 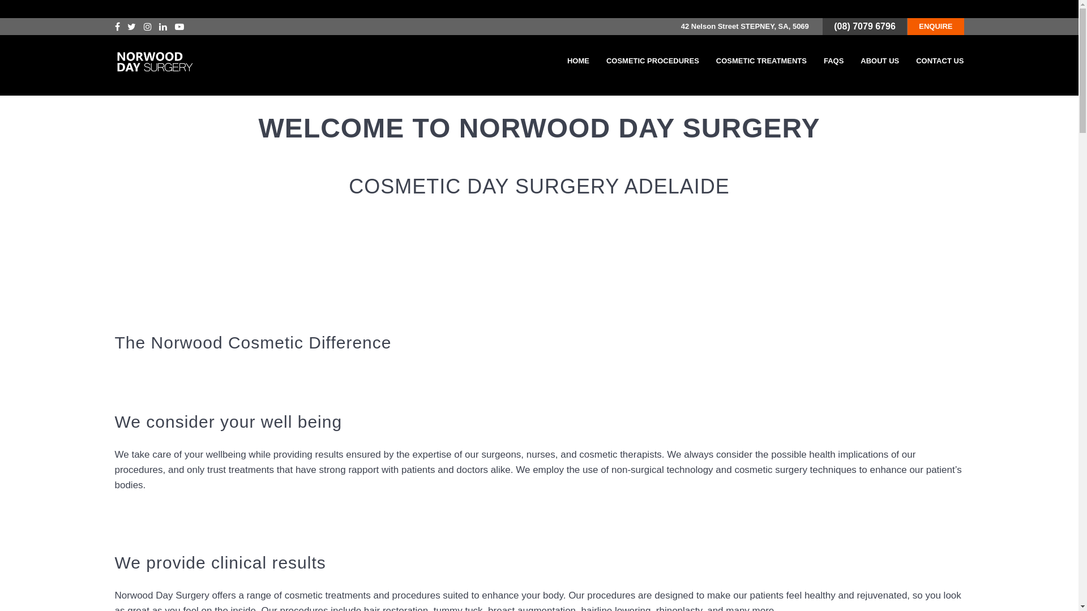 I want to click on 'ENQUIRE', so click(x=935, y=25).